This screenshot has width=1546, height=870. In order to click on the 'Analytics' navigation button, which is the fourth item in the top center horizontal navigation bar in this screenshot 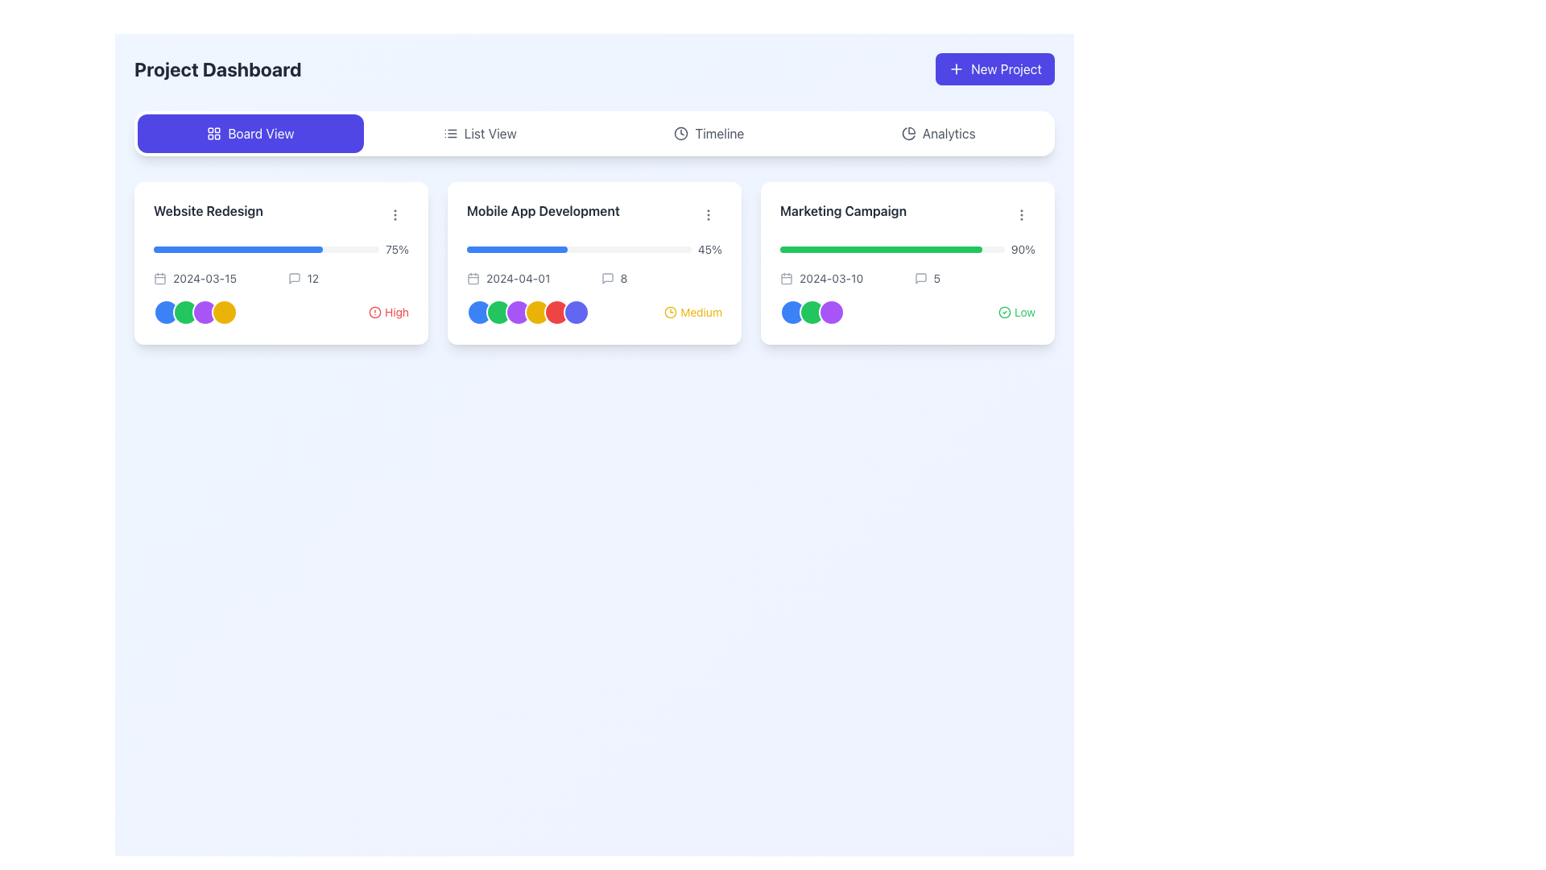, I will do `click(938, 132)`.